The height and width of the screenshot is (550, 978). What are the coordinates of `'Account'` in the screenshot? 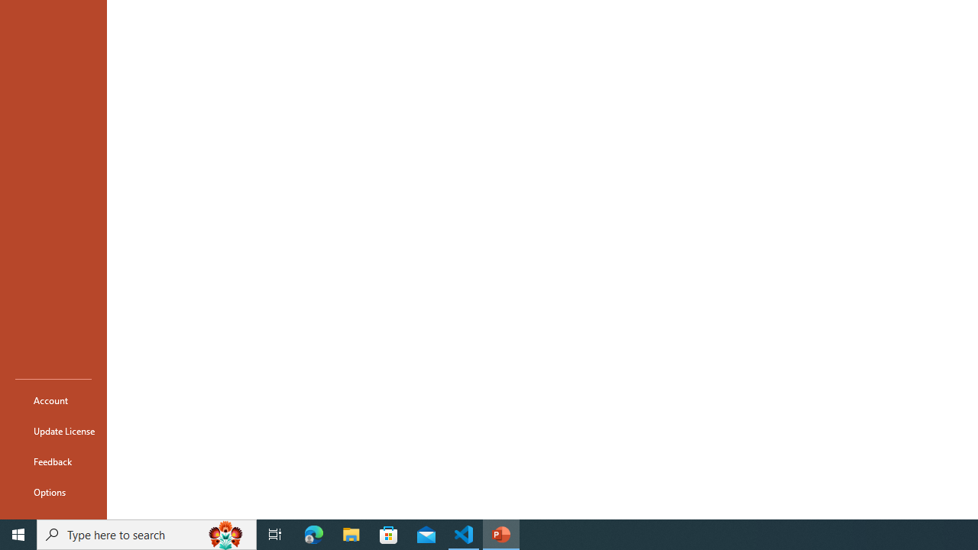 It's located at (53, 400).